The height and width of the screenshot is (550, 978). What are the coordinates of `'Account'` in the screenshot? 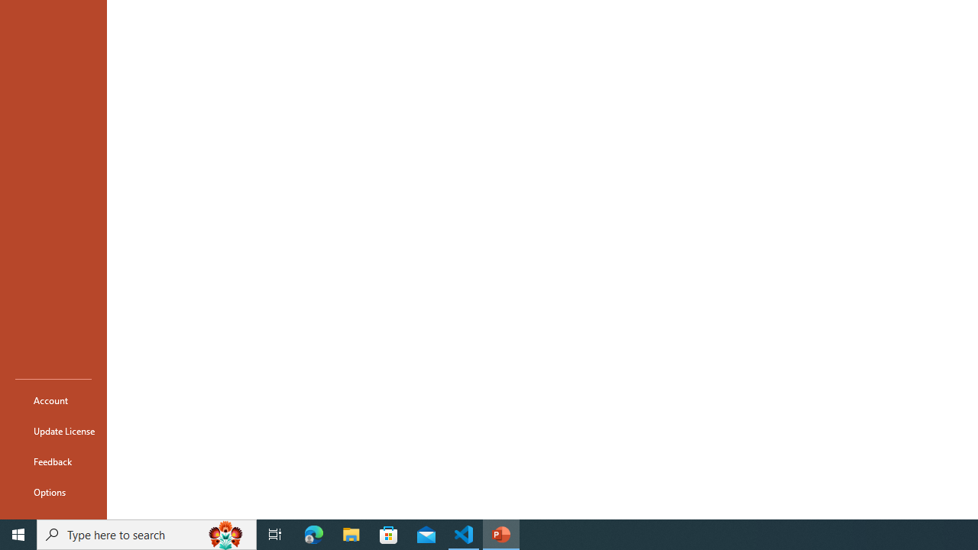 It's located at (53, 400).